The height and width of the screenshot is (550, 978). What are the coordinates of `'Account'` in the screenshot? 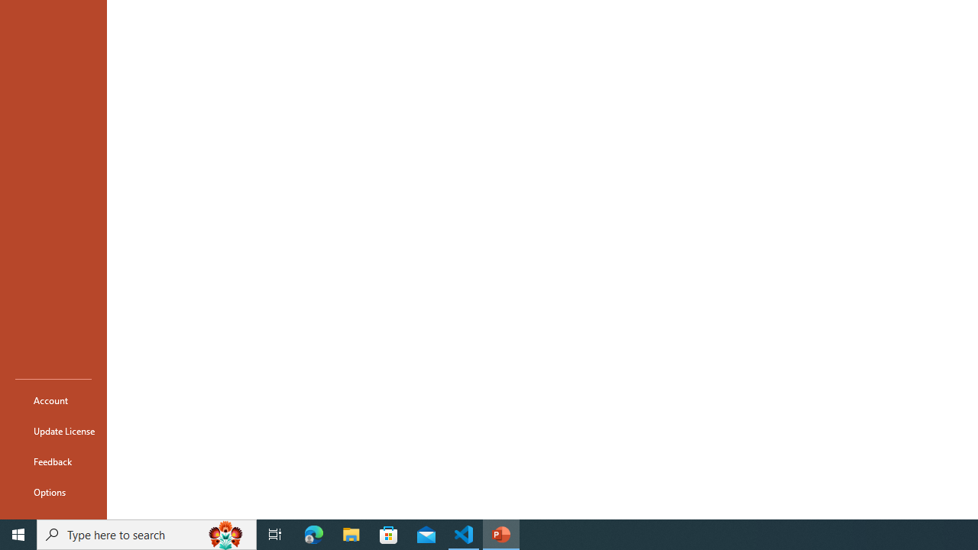 It's located at (53, 400).